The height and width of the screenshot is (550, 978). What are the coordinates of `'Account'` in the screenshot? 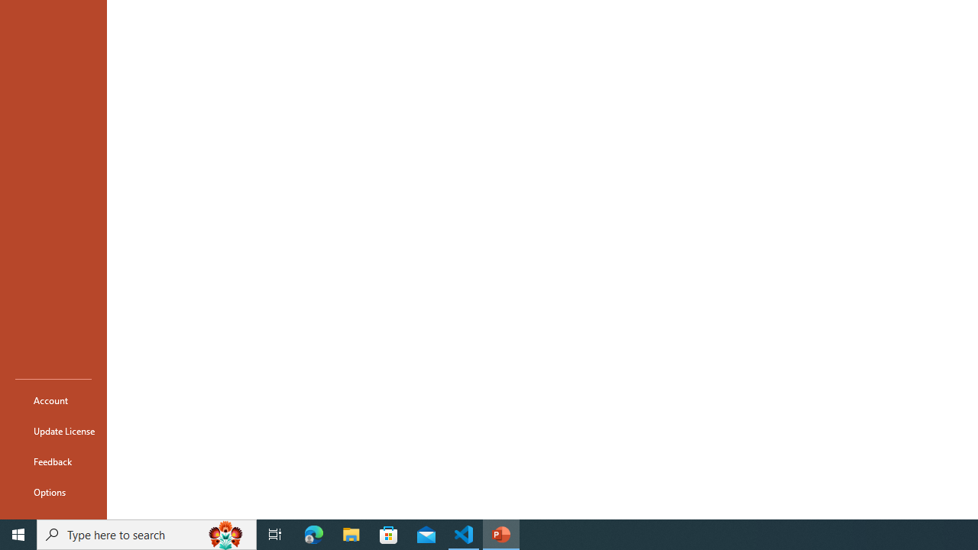 It's located at (53, 400).